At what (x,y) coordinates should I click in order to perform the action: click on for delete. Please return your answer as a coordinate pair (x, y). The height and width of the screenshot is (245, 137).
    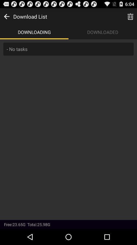
    Looking at the image, I should click on (130, 16).